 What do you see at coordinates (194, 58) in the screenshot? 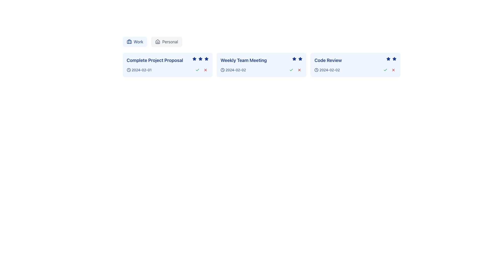
I see `the first blue star-shaped icon in the horizontal row near the top-right corner of the 'Complete Project Proposal' card` at bounding box center [194, 58].